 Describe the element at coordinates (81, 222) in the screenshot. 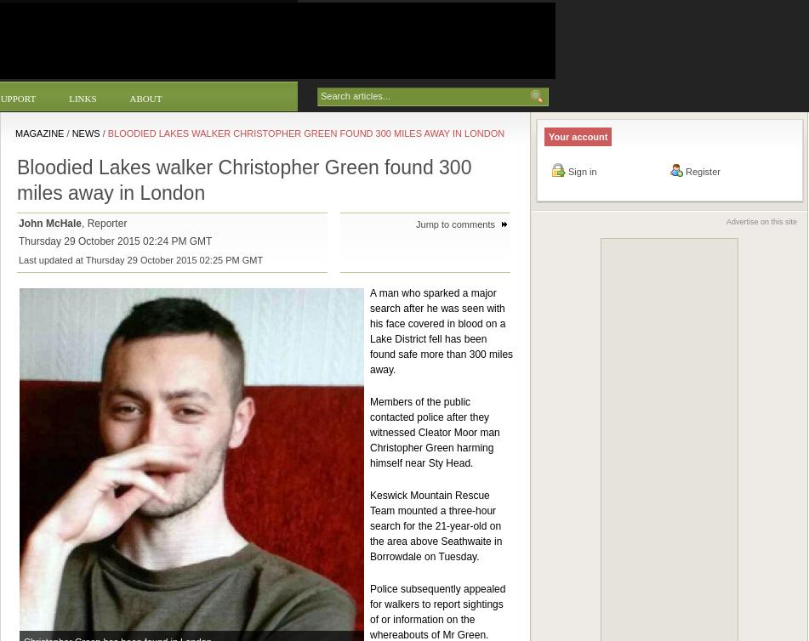

I see `', Reporter'` at that location.